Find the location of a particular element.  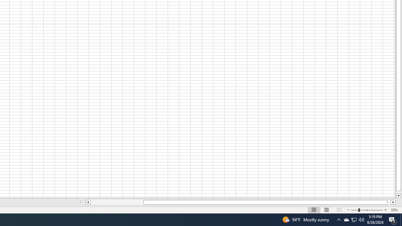

'Page down' is located at coordinates (398, 192).